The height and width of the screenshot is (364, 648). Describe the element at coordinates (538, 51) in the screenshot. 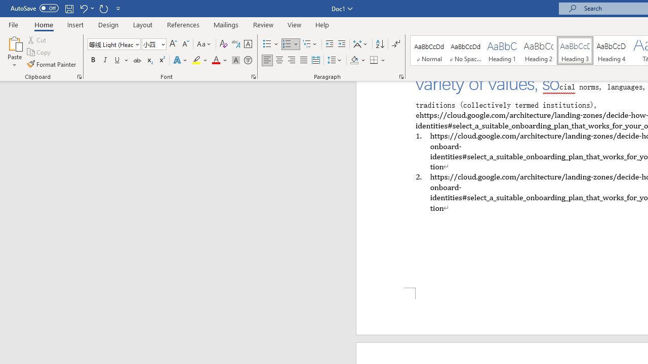

I see `'Heading 2'` at that location.